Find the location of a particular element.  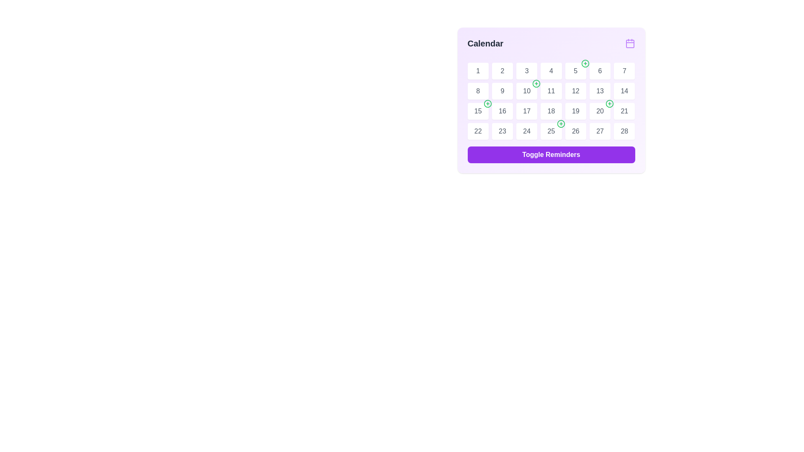

the button-like calendar grid cell displaying the number '23' is located at coordinates (502, 131).